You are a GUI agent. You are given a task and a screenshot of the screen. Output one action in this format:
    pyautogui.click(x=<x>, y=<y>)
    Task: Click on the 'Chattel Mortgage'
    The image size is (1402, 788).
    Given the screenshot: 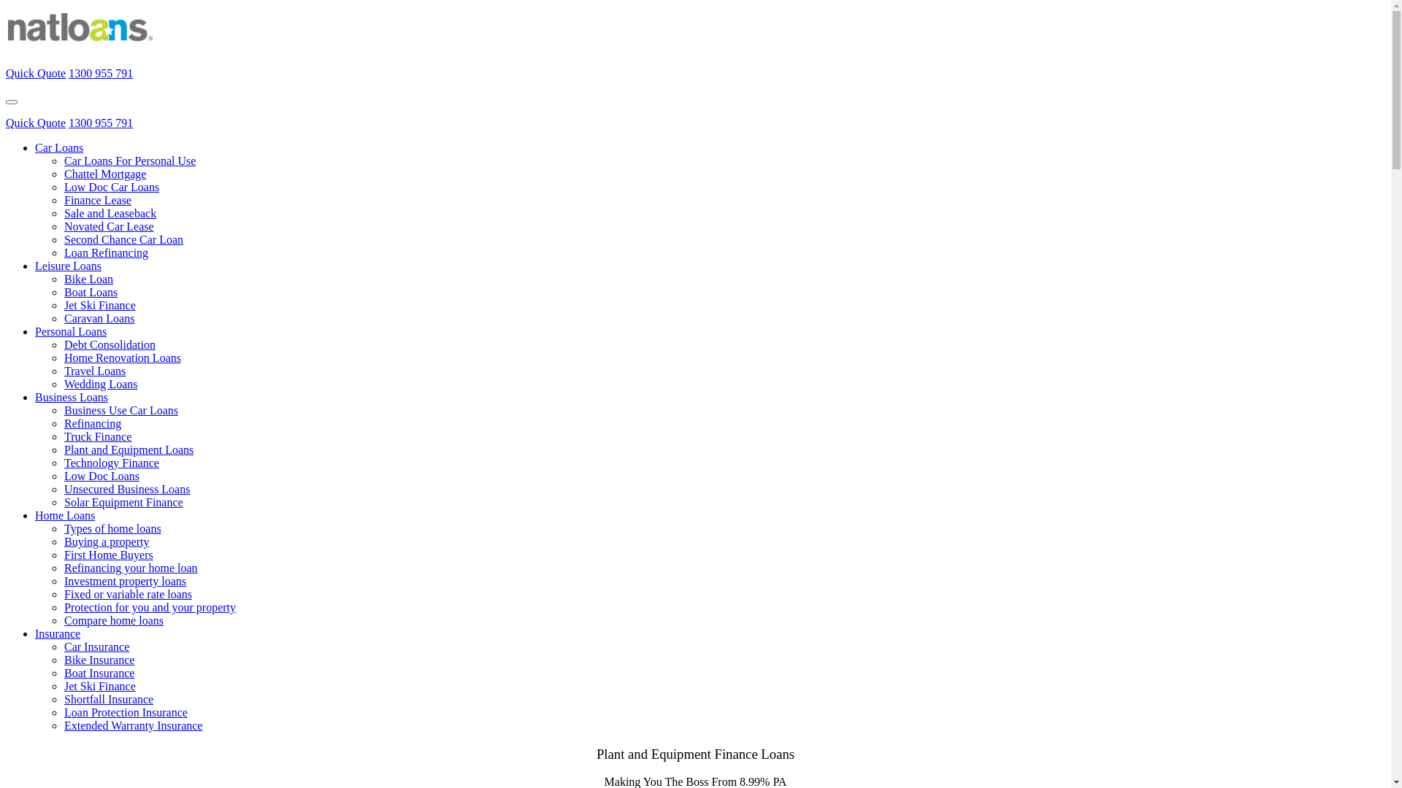 What is the action you would take?
    pyautogui.click(x=104, y=173)
    